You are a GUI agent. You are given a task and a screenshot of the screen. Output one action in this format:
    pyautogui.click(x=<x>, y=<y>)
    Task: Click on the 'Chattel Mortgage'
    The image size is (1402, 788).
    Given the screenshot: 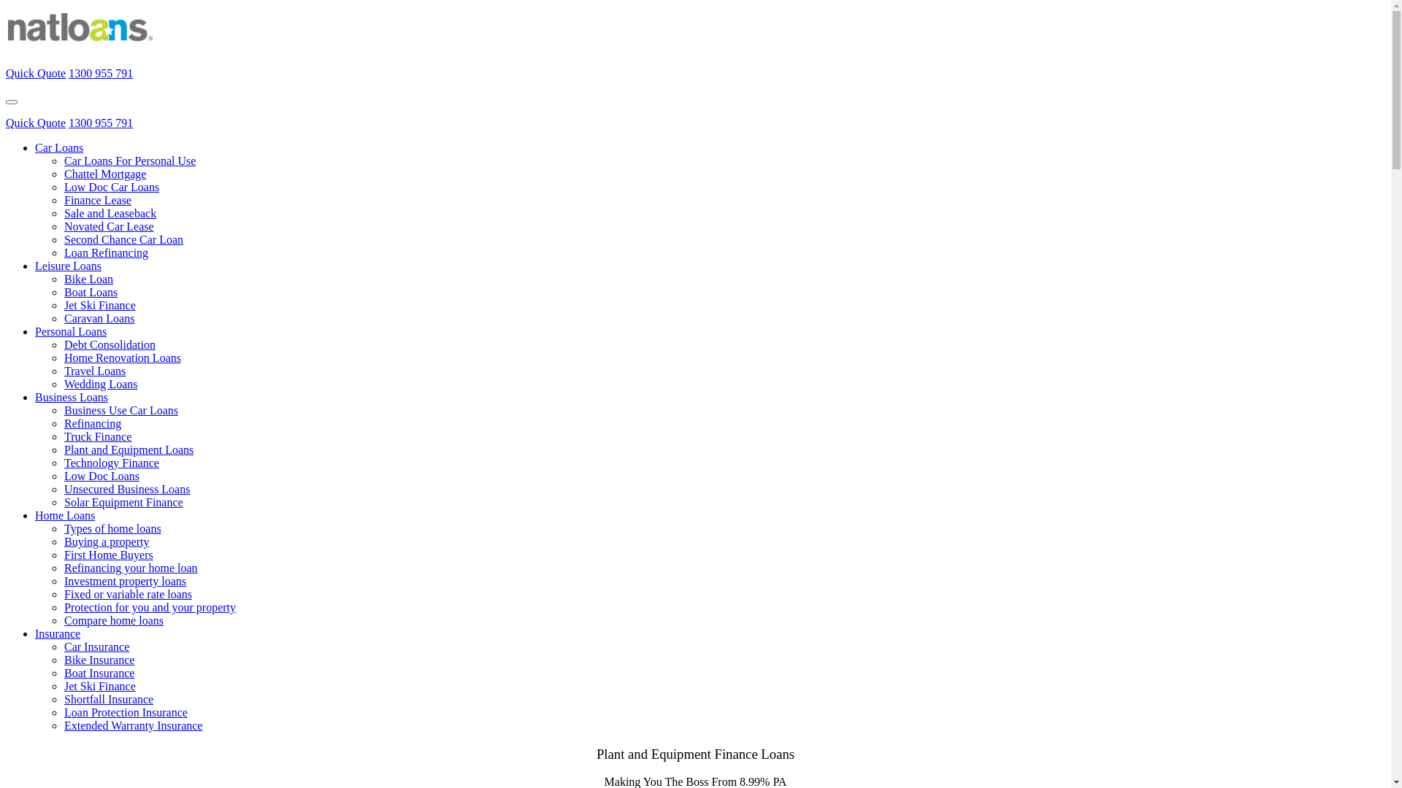 What is the action you would take?
    pyautogui.click(x=104, y=173)
    